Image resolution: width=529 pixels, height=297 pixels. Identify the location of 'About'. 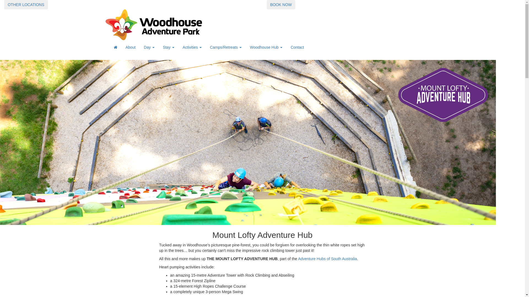
(121, 47).